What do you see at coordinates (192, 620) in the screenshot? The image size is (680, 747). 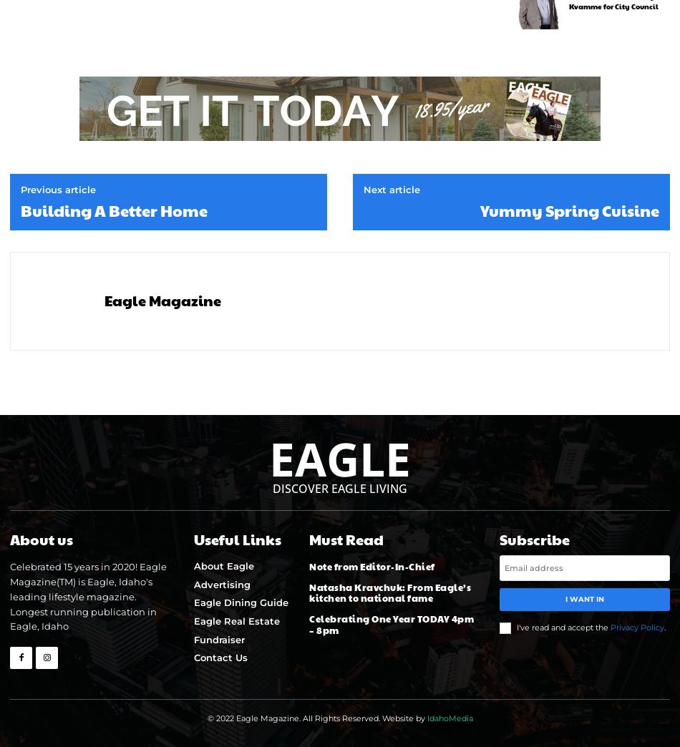 I see `'Eagle Real Estate'` at bounding box center [192, 620].